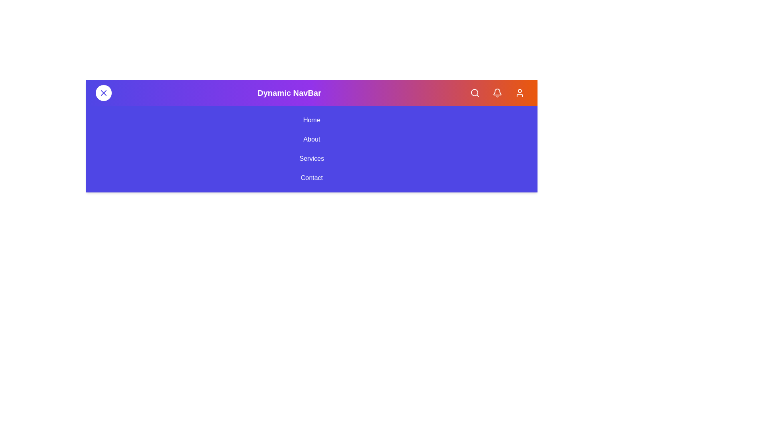 This screenshot has height=433, width=769. What do you see at coordinates (311, 139) in the screenshot?
I see `the navigation menu link labeled About` at bounding box center [311, 139].